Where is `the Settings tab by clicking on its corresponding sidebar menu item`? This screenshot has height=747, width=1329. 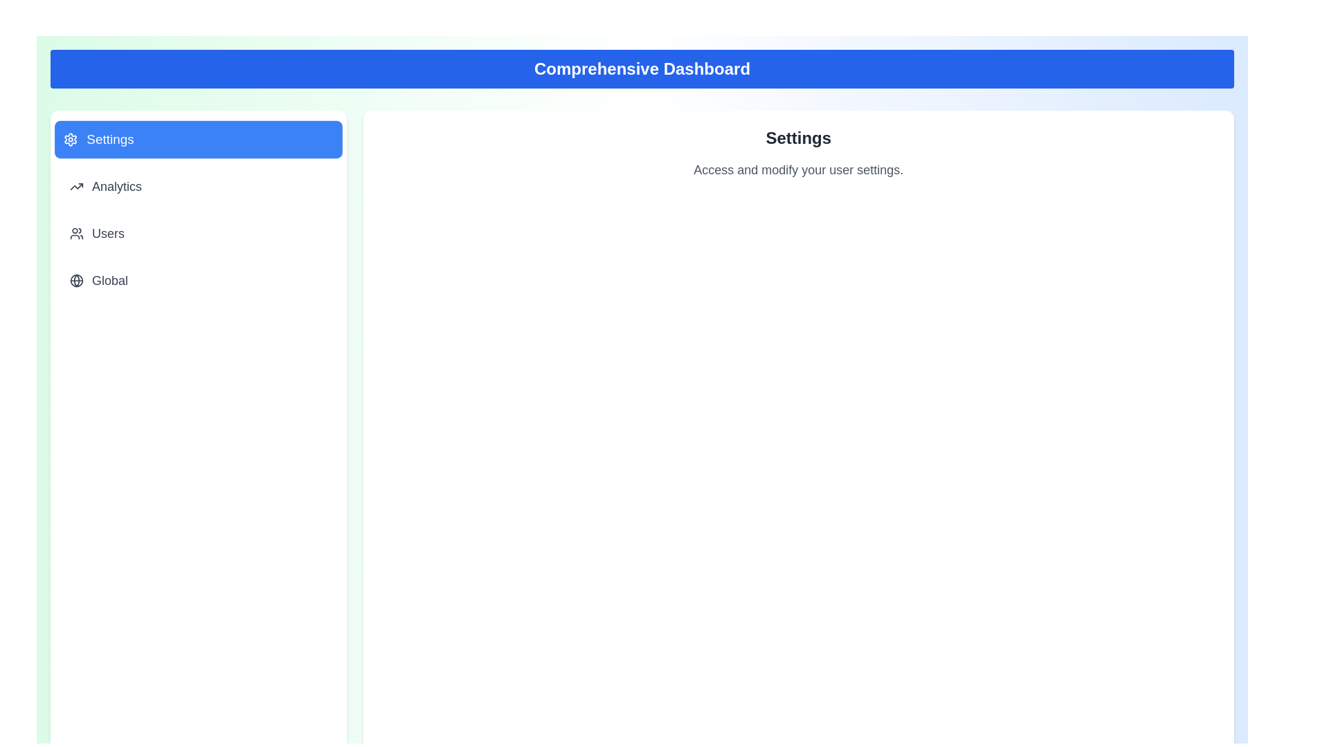 the Settings tab by clicking on its corresponding sidebar menu item is located at coordinates (197, 139).